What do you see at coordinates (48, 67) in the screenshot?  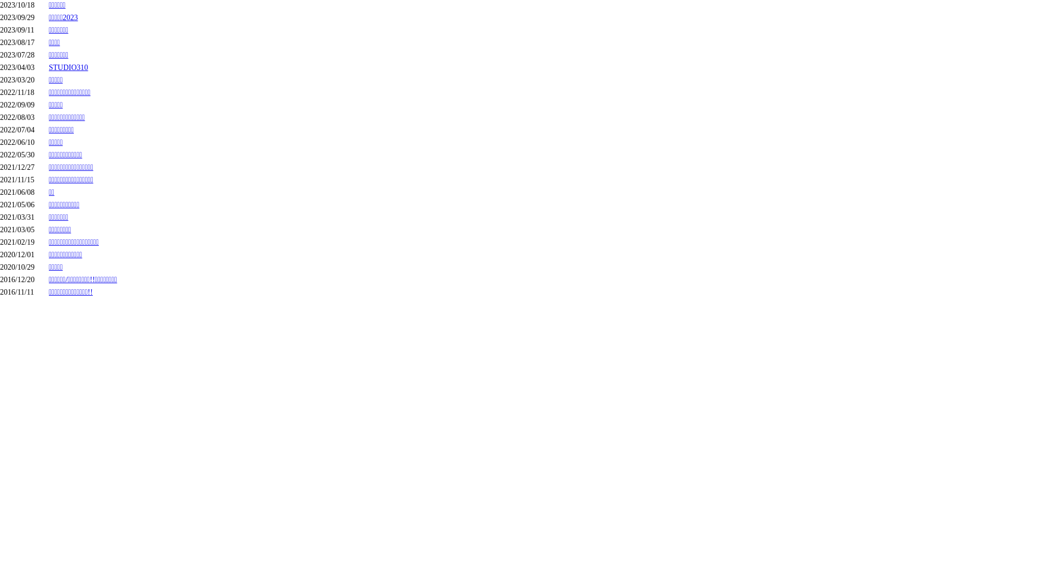 I see `'STUDIO310'` at bounding box center [48, 67].